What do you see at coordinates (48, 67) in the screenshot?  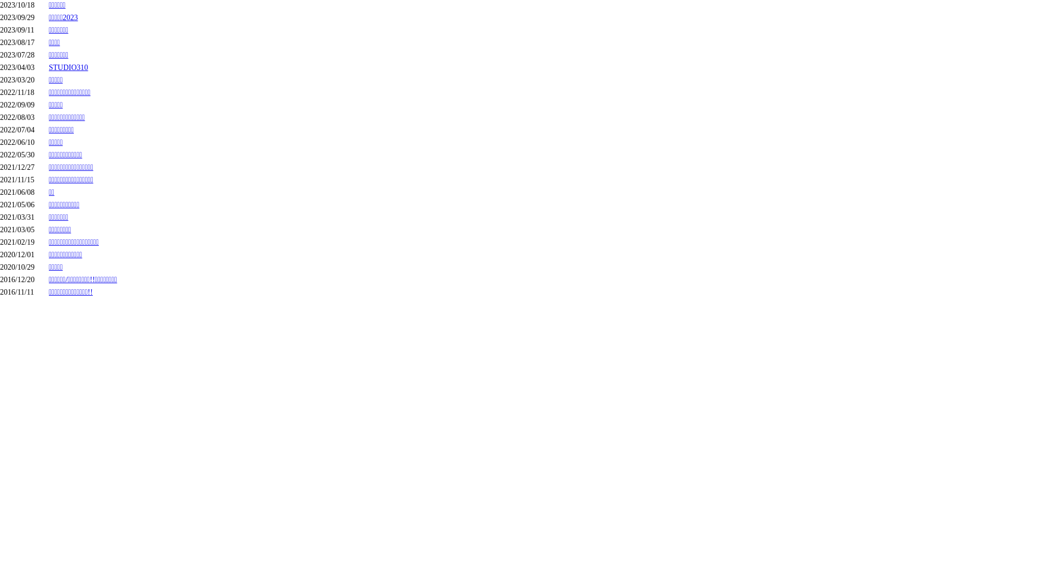 I see `'STUDIO310'` at bounding box center [48, 67].